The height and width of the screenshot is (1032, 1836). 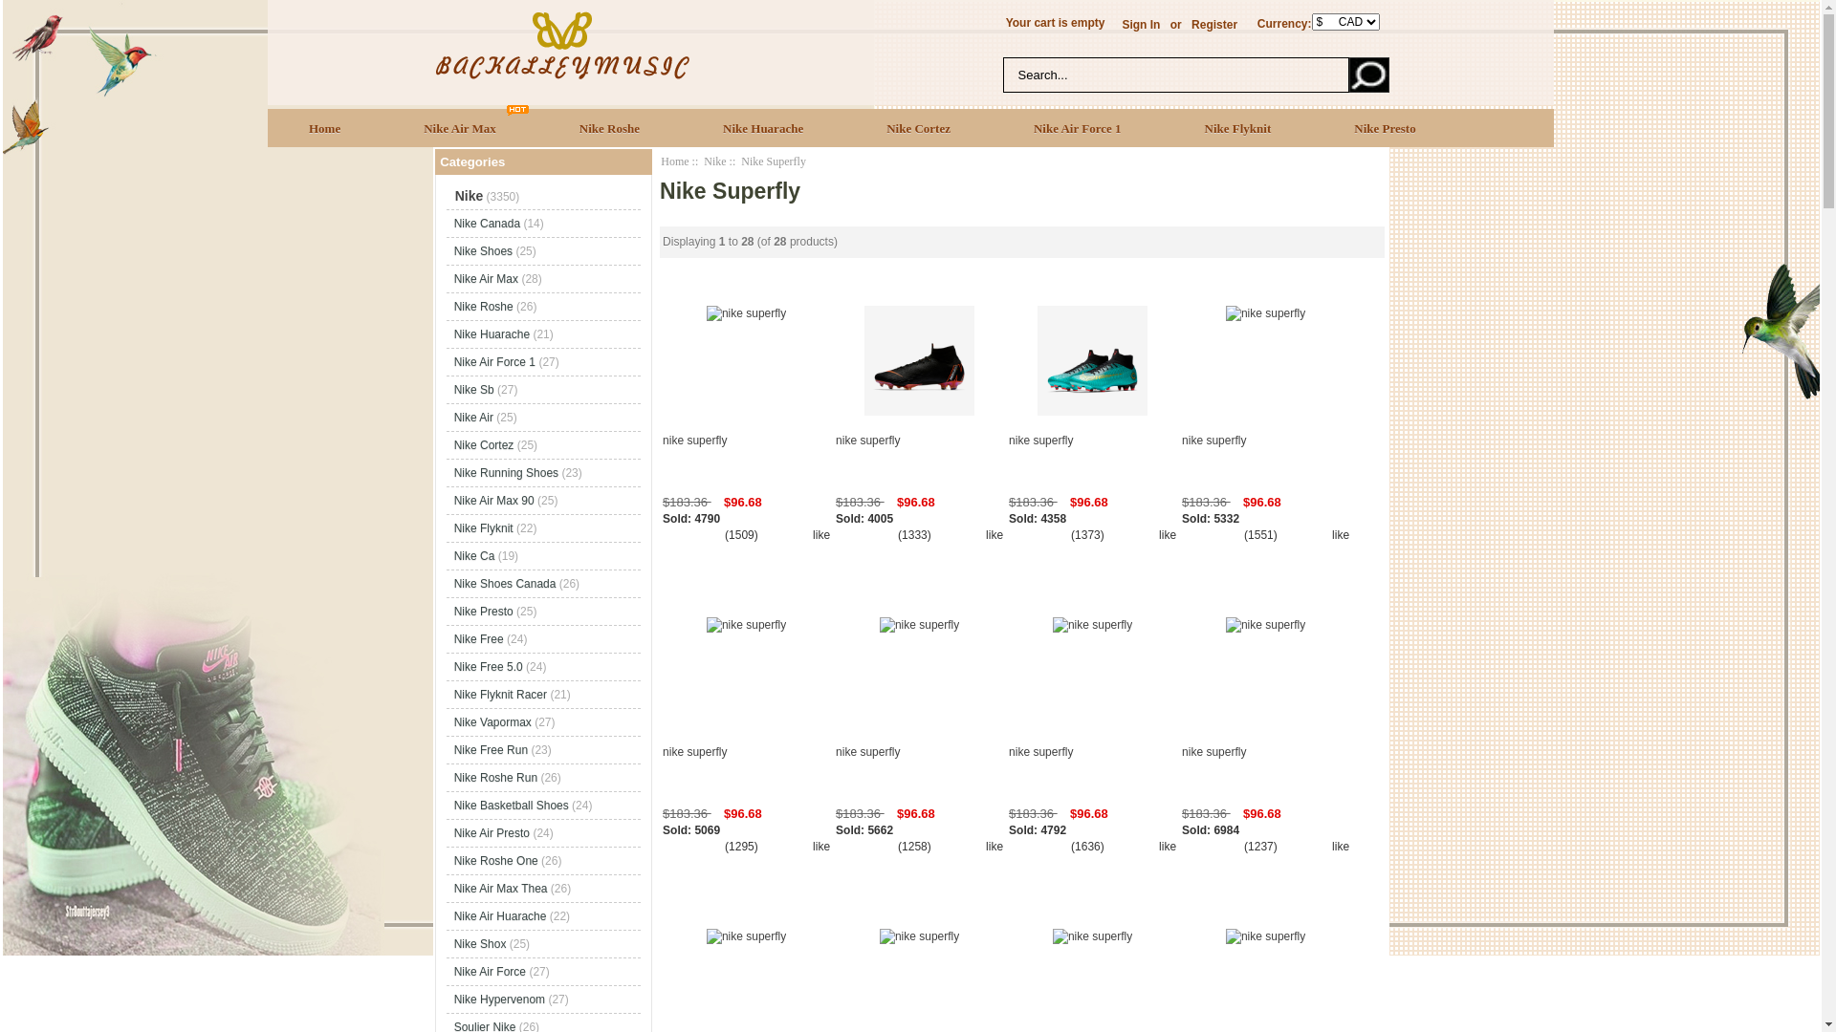 What do you see at coordinates (821, 534) in the screenshot?
I see `'like'` at bounding box center [821, 534].